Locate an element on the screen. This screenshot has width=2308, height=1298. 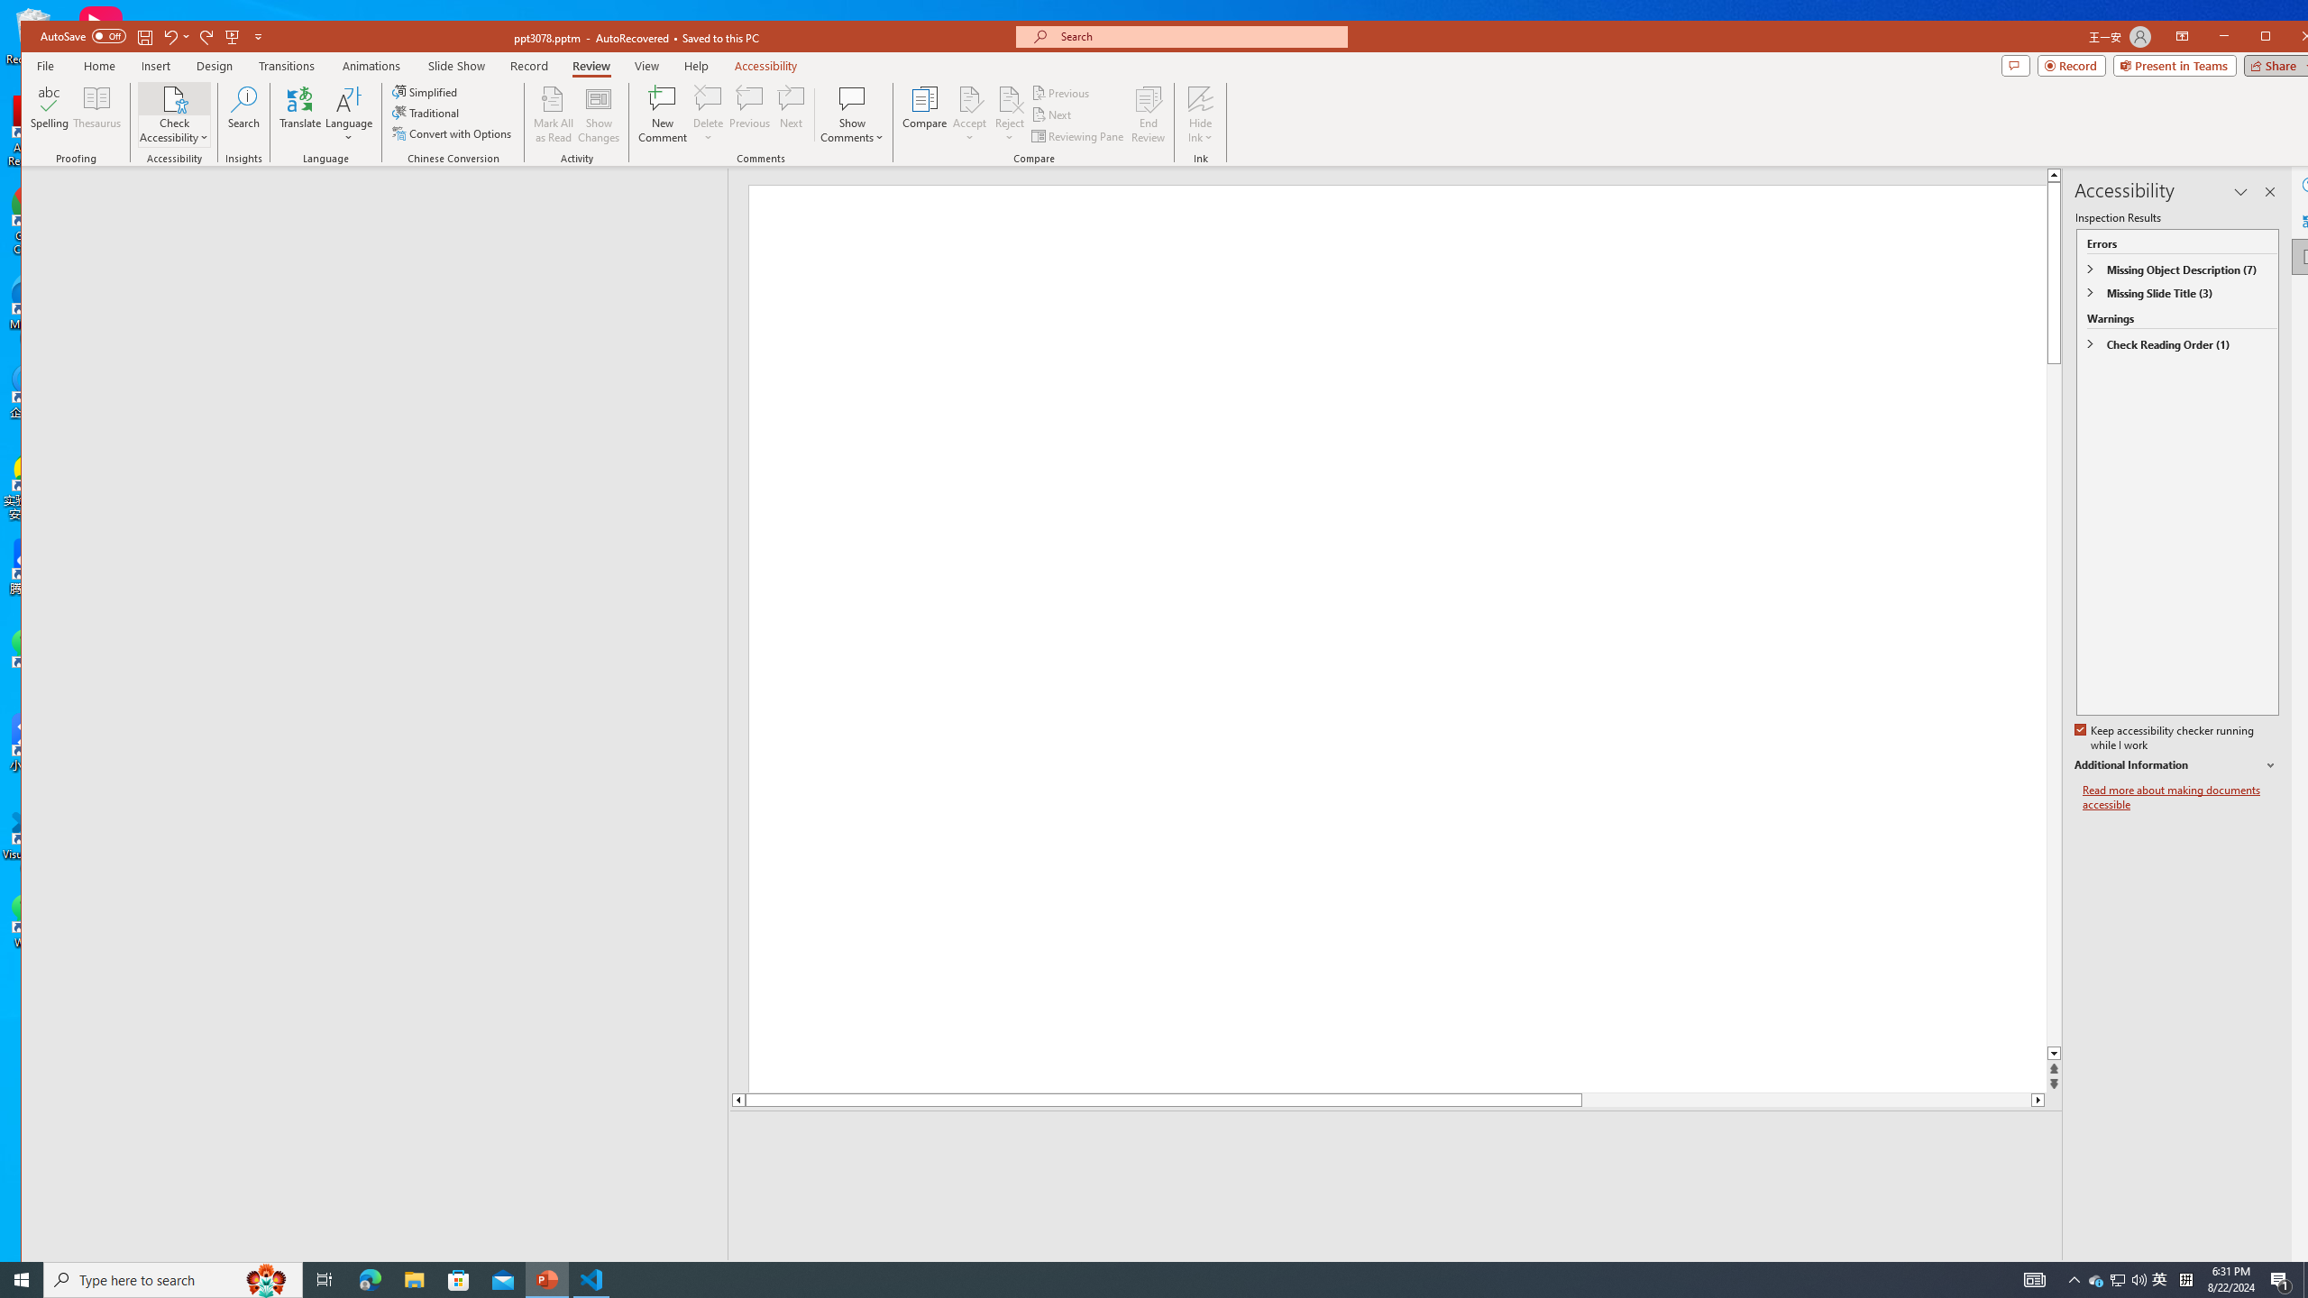
'Traditional' is located at coordinates (426, 113).